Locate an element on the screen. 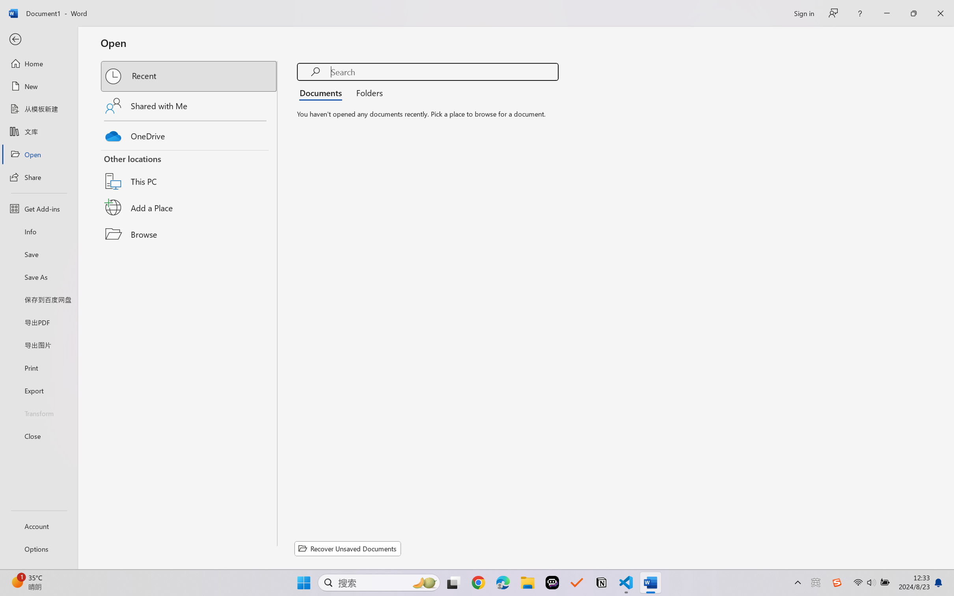 This screenshot has width=954, height=596. 'Transform' is located at coordinates (38, 412).